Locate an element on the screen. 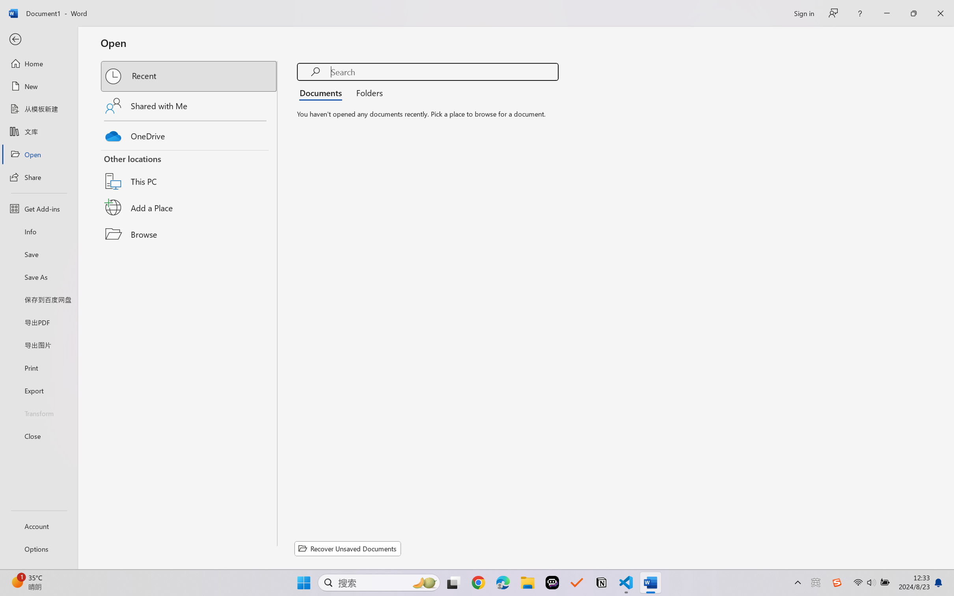 This screenshot has width=954, height=596. 'Transform' is located at coordinates (38, 412).